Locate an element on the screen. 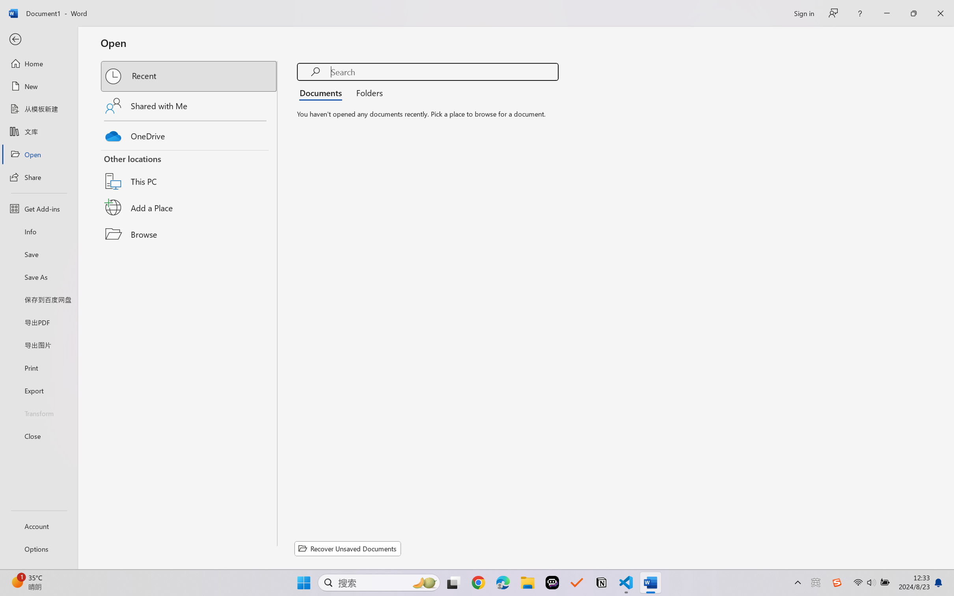 This screenshot has width=954, height=596. 'Transform' is located at coordinates (38, 412).